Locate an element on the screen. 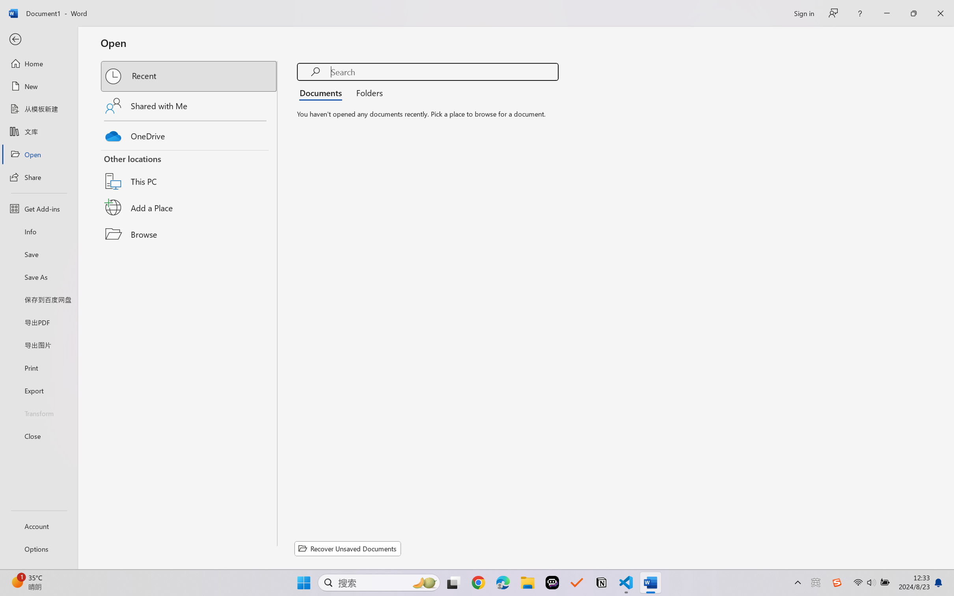 This screenshot has width=954, height=596. 'Transform' is located at coordinates (38, 412).